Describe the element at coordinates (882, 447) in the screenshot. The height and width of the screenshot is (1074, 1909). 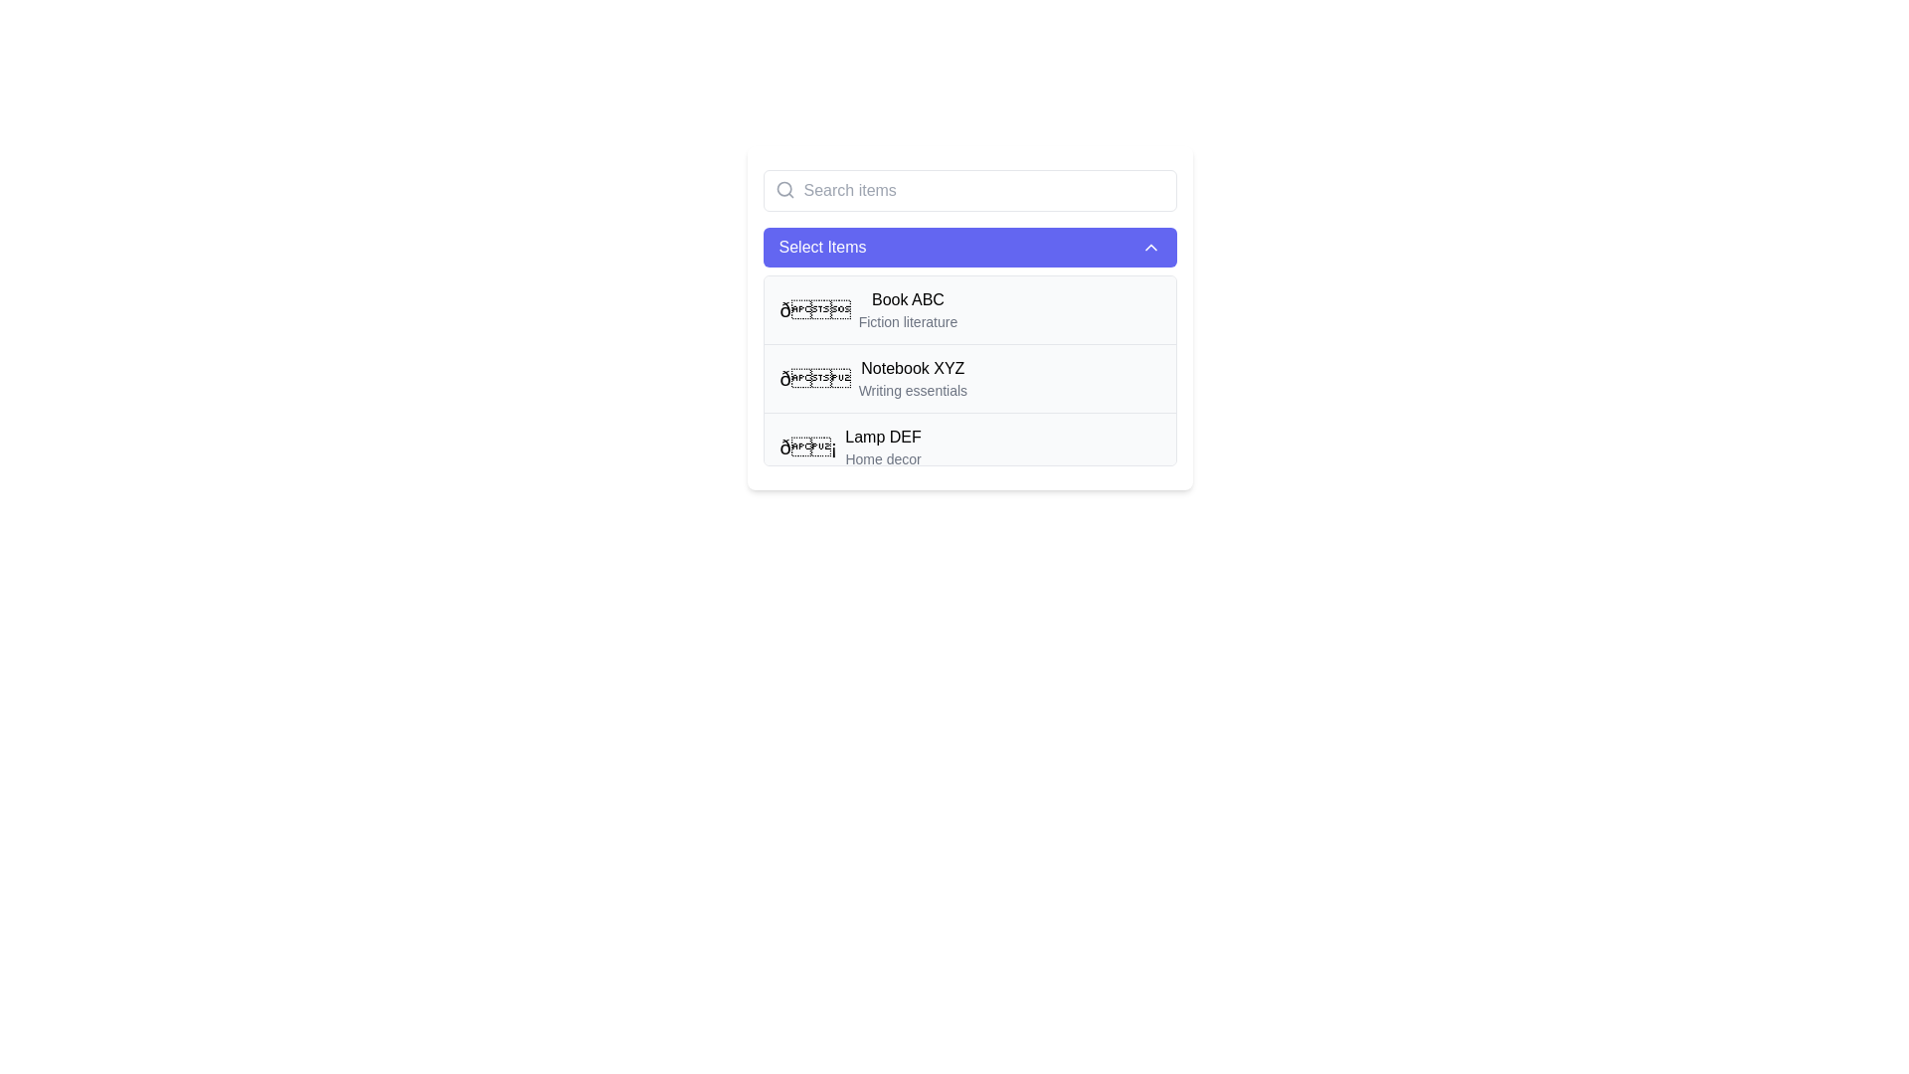
I see `the text block displaying 'Lamp DEF' with the description 'Home decor' in the third entry of the vertical selection list` at that location.